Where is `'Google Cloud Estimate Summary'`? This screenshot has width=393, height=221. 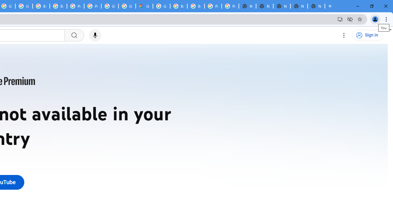 'Google Cloud Estimate Summary' is located at coordinates (144, 6).